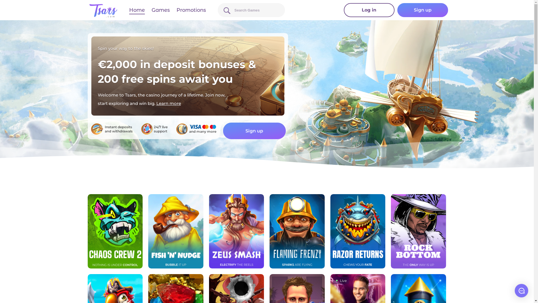 The height and width of the screenshot is (303, 538). I want to click on 'Home', so click(137, 10).